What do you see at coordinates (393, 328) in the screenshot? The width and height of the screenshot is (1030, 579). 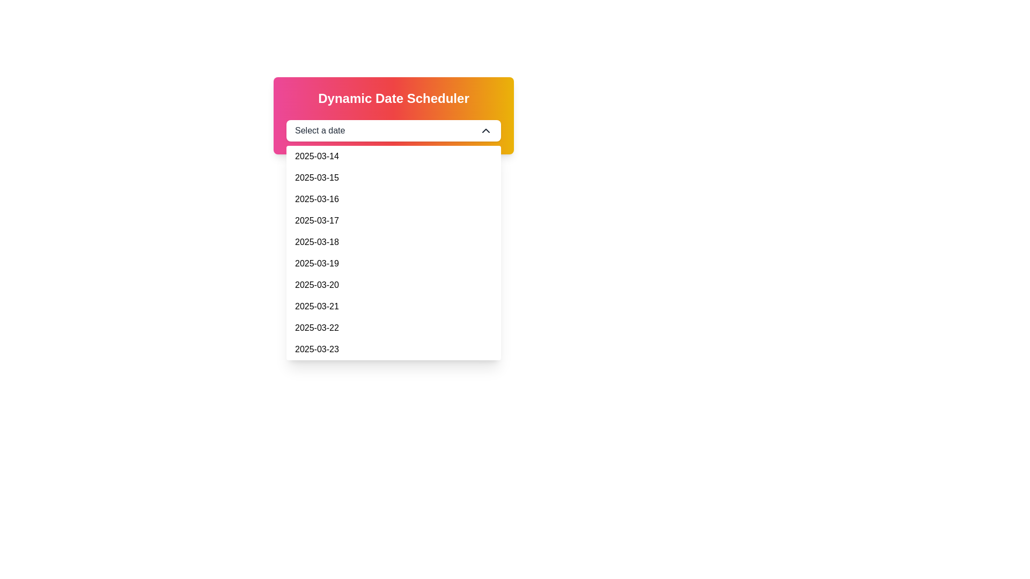 I see `the selectable option for the date '2025-03-22' in the dropdown list below '2025-03-21' and above '2025-03-23'` at bounding box center [393, 328].